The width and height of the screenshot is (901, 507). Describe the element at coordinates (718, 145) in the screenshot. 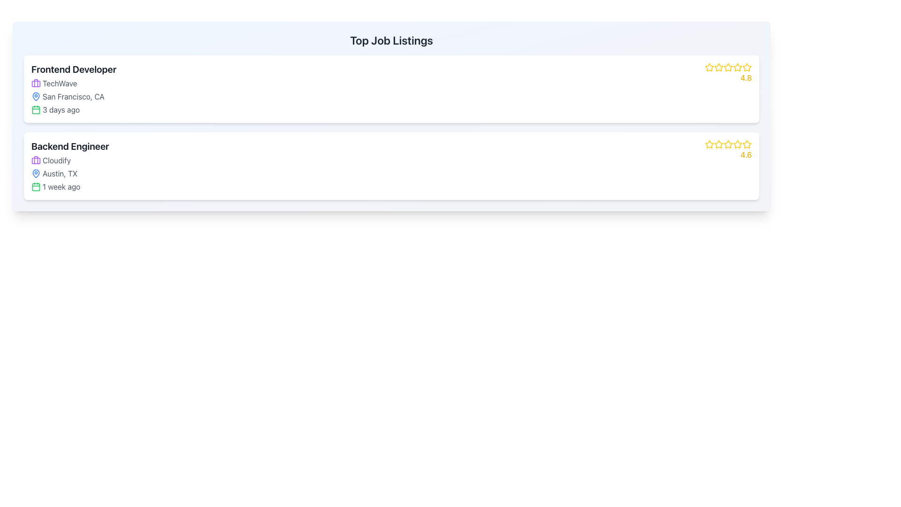

I see `the third yellow star icon in the rating system of the job listing` at that location.